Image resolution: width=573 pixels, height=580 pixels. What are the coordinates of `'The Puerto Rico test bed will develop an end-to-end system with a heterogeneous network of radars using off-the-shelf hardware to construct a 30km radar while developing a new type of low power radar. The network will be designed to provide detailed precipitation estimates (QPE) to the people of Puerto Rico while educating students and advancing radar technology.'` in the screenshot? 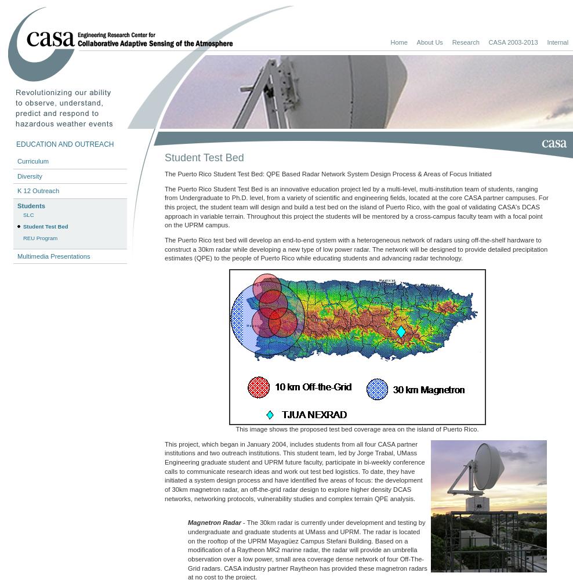 It's located at (164, 249).